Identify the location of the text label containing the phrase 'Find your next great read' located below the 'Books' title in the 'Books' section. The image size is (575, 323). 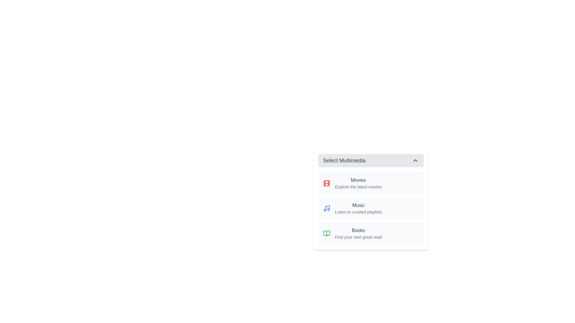
(358, 237).